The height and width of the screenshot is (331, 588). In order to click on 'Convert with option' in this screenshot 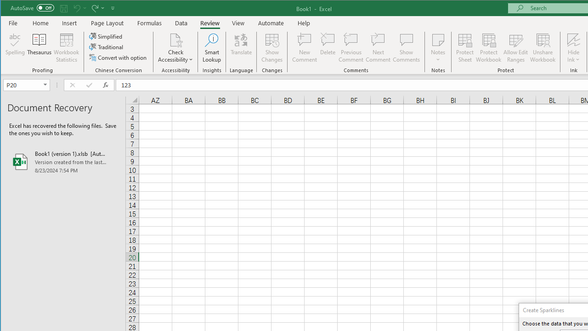, I will do `click(118, 57)`.